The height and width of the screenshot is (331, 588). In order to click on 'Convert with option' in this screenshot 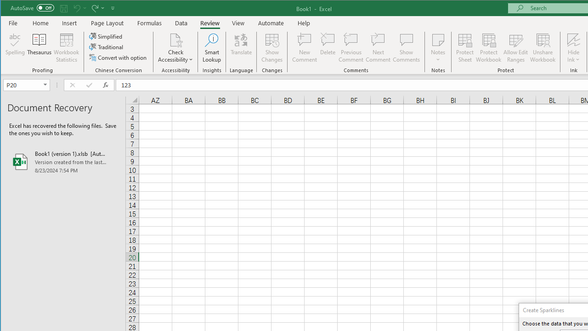, I will do `click(118, 57)`.